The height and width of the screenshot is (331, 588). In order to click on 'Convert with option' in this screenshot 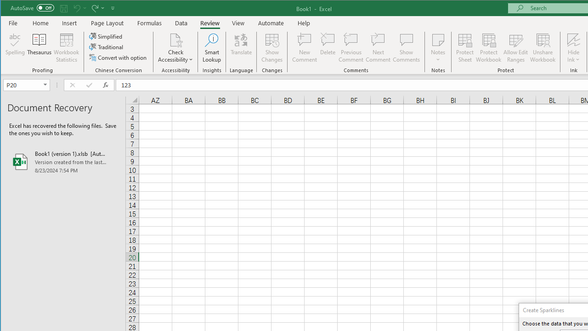, I will do `click(118, 57)`.